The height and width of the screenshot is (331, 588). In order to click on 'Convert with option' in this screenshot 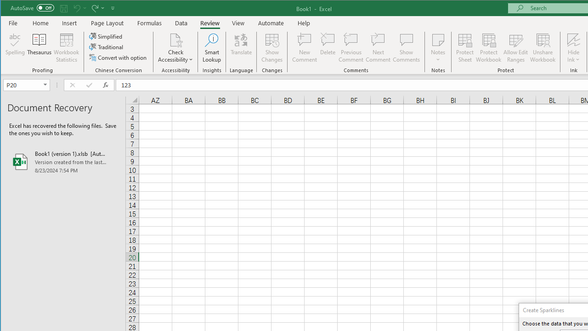, I will do `click(118, 57)`.